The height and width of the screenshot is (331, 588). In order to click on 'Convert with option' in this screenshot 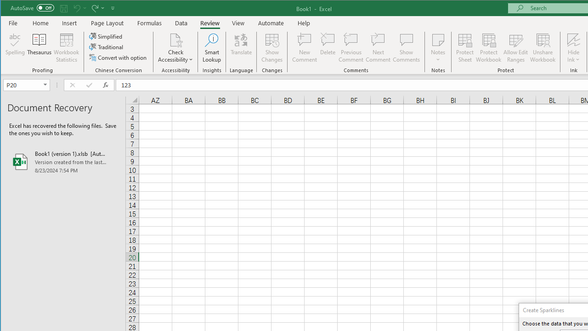, I will do `click(118, 57)`.